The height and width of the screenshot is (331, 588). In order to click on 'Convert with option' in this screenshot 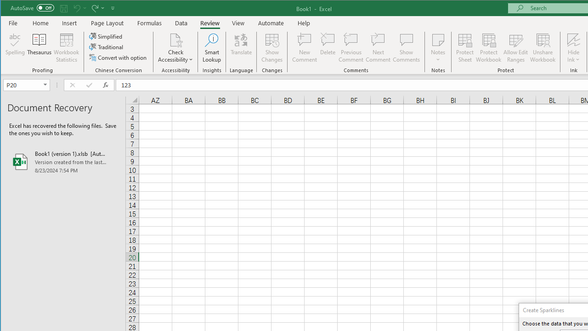, I will do `click(118, 57)`.